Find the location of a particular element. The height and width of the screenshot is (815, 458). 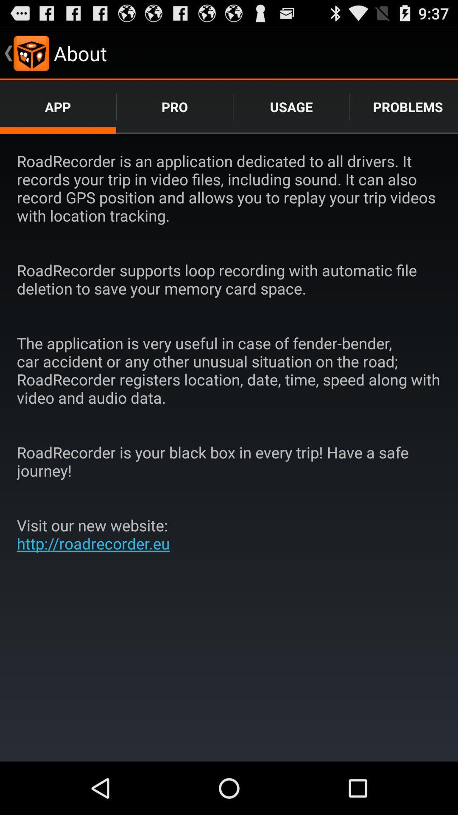

visit our new item is located at coordinates (96, 534).